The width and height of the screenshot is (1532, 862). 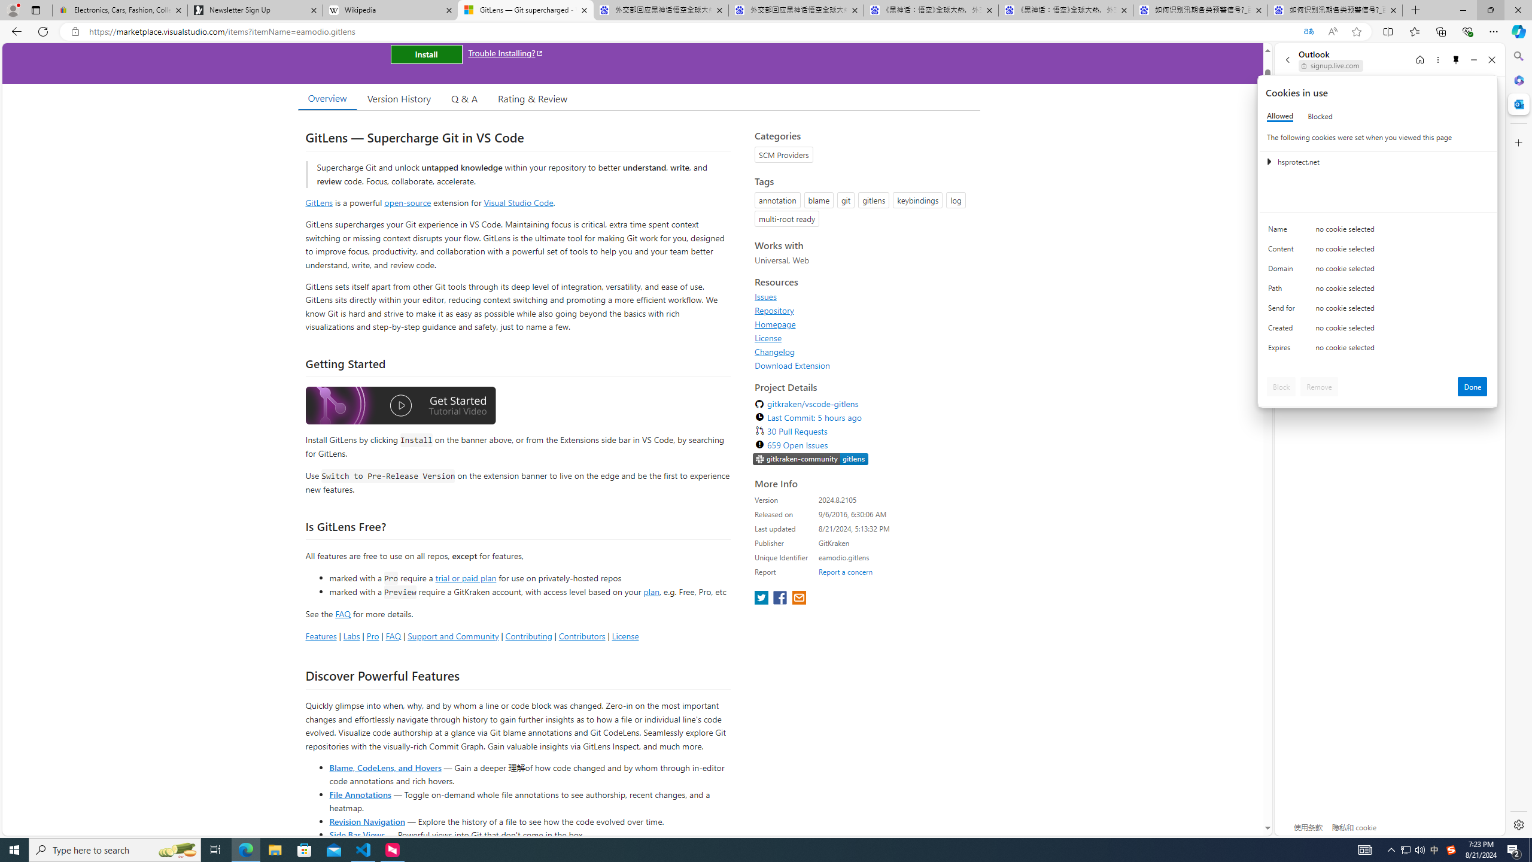 I want to click on 'Path', so click(x=1283, y=291).